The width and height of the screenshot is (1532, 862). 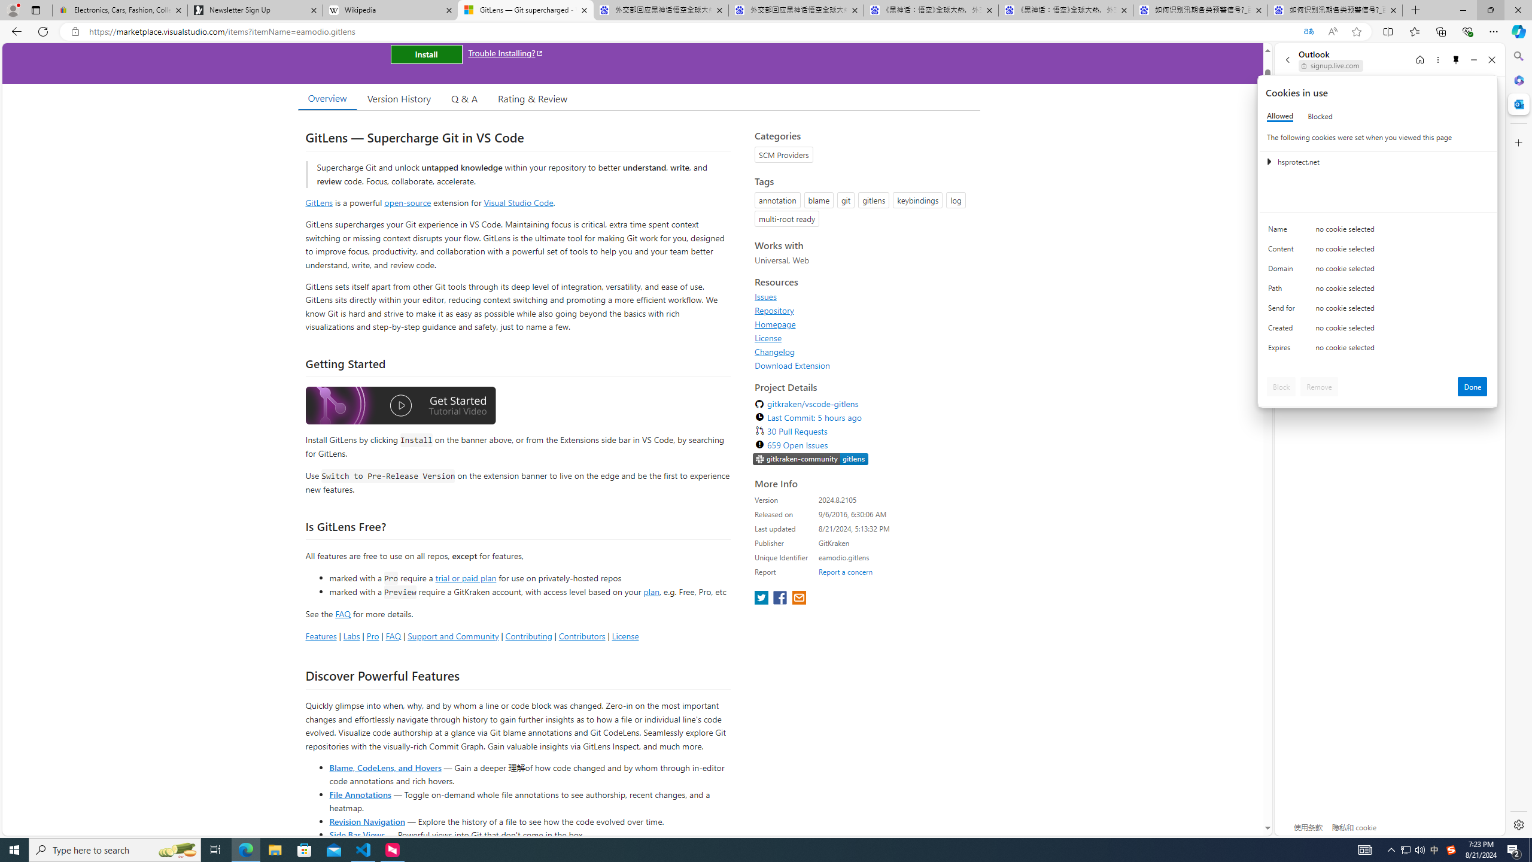 I want to click on 'Path', so click(x=1283, y=291).